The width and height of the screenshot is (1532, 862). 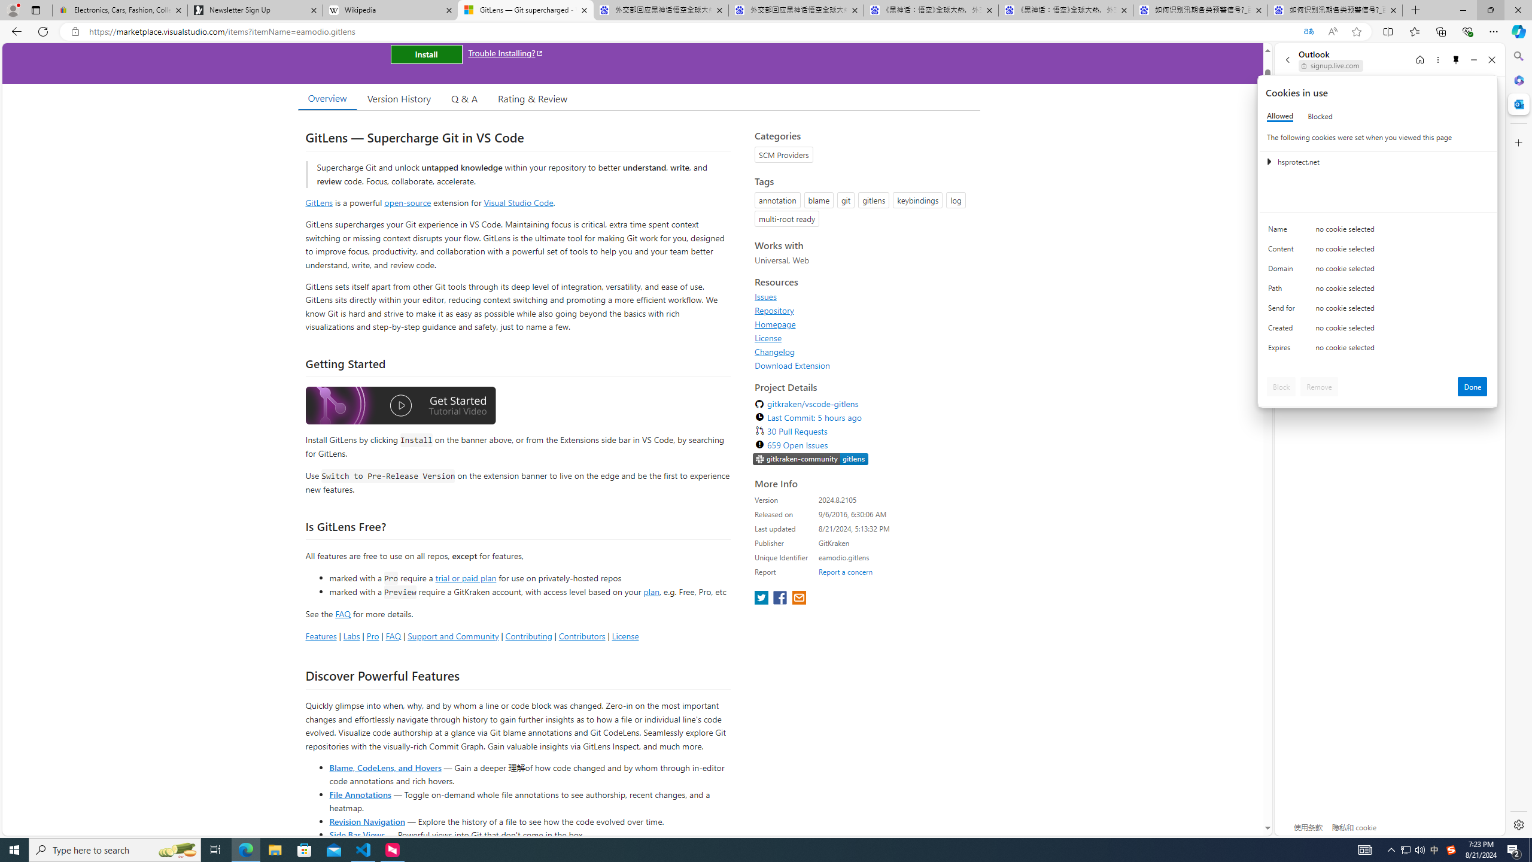 I want to click on 'Path', so click(x=1283, y=291).